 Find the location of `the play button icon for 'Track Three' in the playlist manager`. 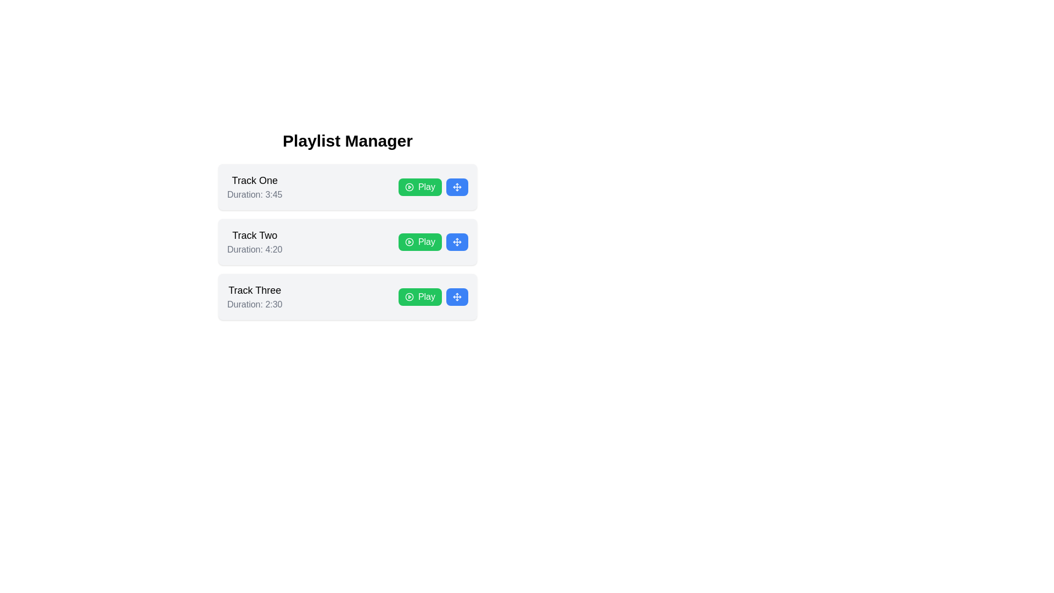

the play button icon for 'Track Three' in the playlist manager is located at coordinates (408, 296).